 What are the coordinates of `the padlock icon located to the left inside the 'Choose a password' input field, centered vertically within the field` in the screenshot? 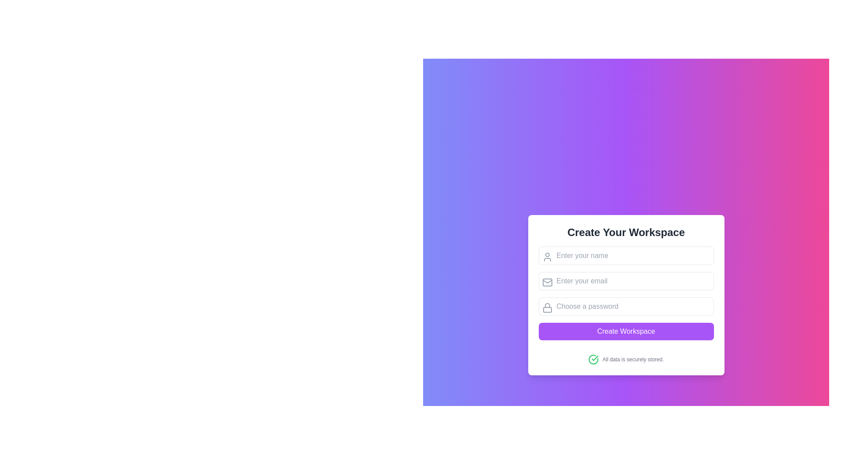 It's located at (547, 307).